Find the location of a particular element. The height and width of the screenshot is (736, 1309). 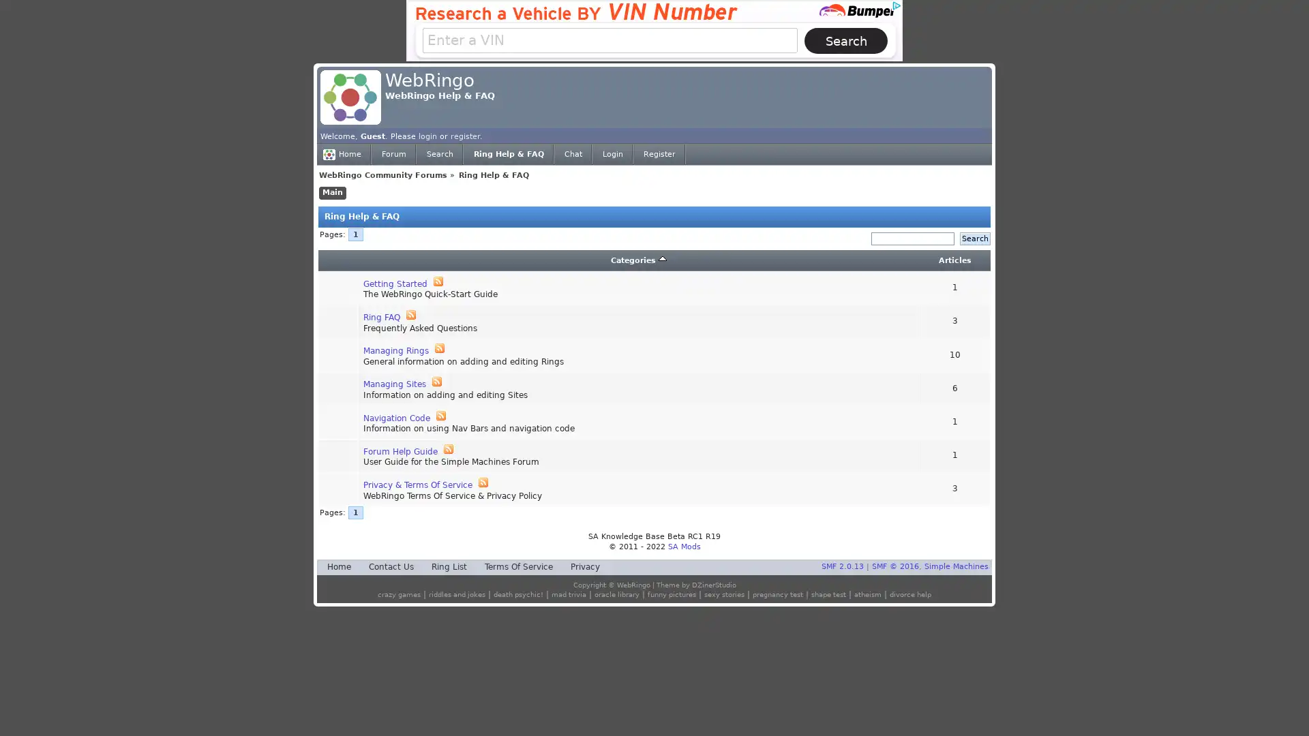

Search is located at coordinates (974, 237).